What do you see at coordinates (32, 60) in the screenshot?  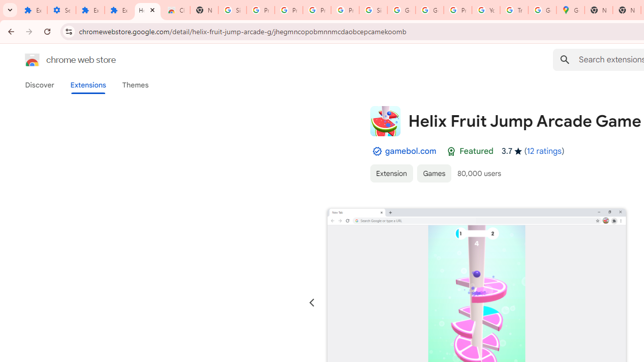 I see `'Chrome Web Store logo'` at bounding box center [32, 60].